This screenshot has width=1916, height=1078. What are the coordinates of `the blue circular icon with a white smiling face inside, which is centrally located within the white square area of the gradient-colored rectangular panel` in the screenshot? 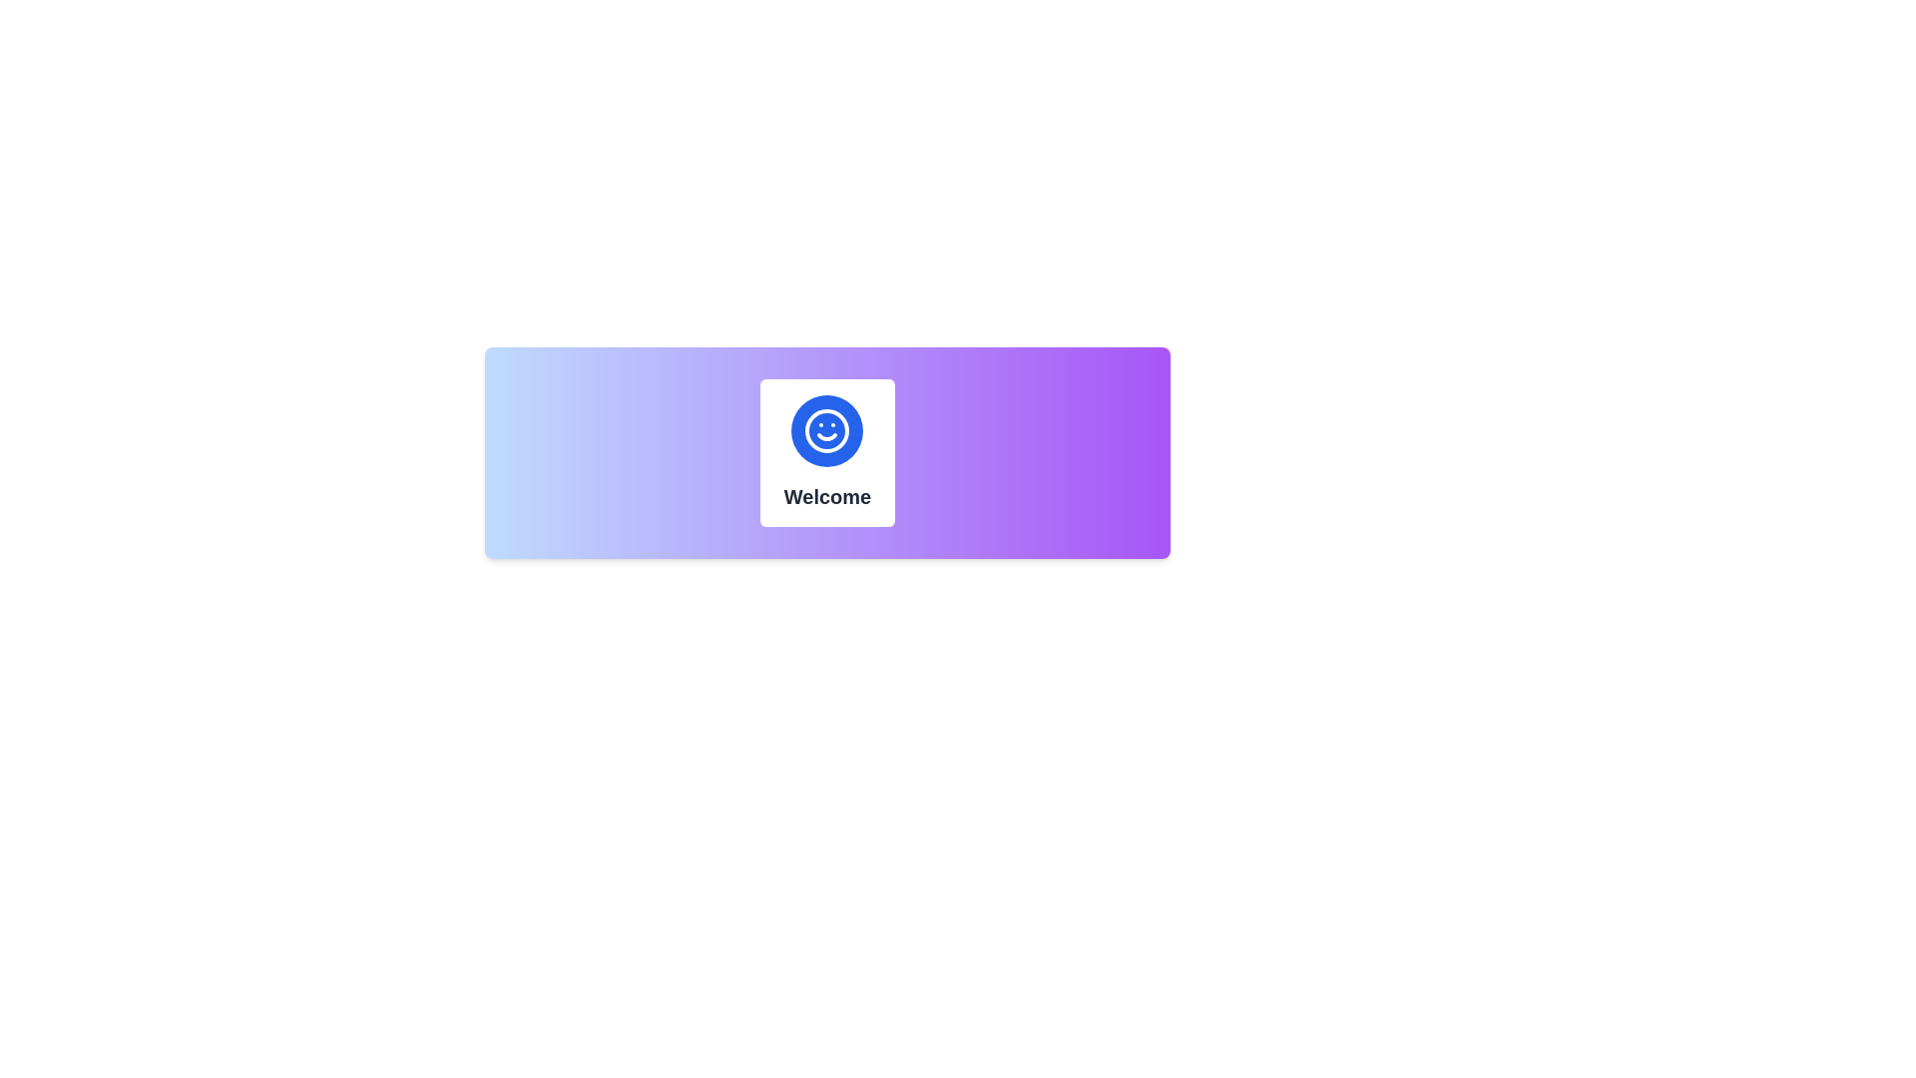 It's located at (827, 430).